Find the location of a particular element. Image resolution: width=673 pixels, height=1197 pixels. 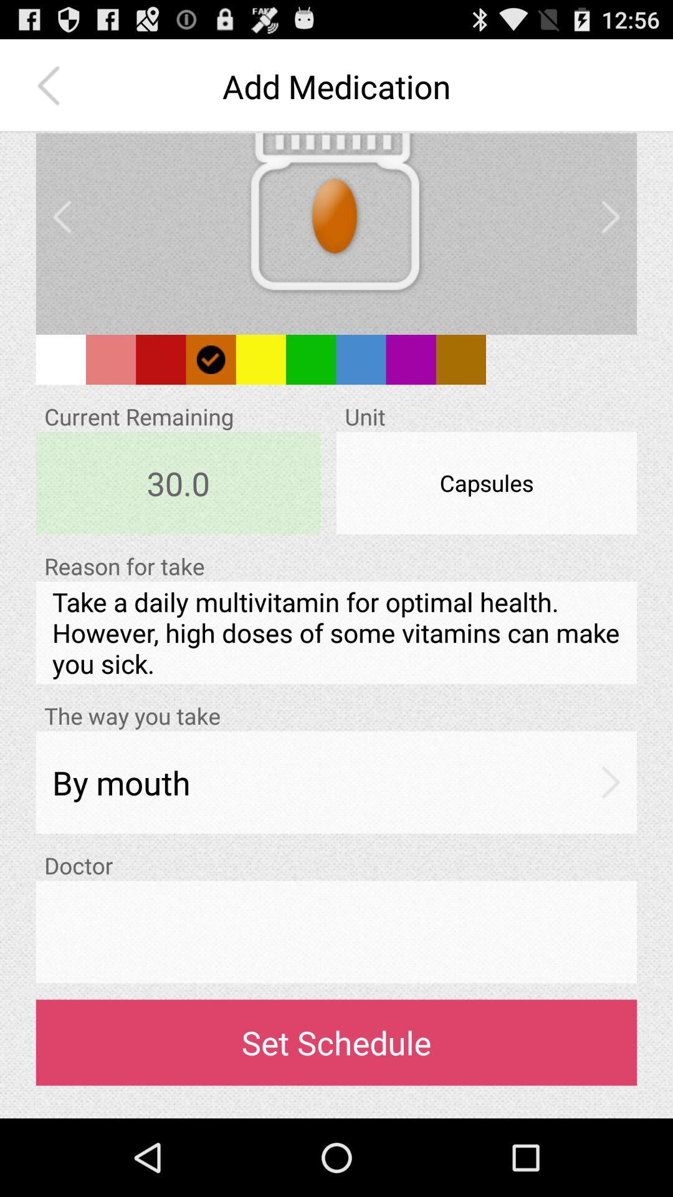

the button above doctor is located at coordinates (336, 781).